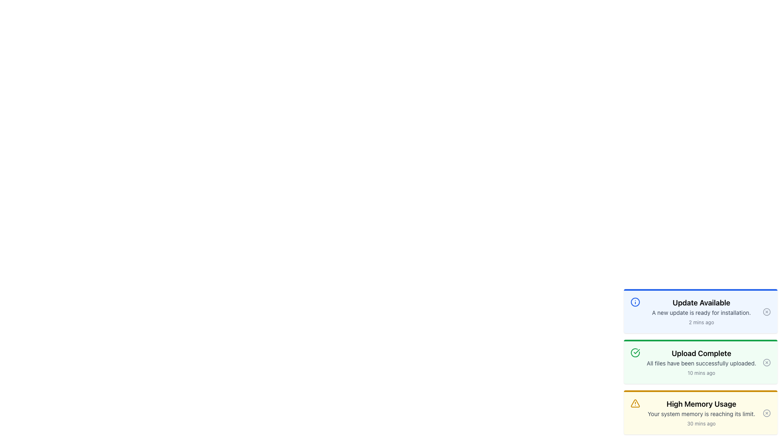 Image resolution: width=784 pixels, height=441 pixels. Describe the element at coordinates (635, 302) in the screenshot. I see `the circular info icon located in the top left corner of the 'Update Available' notification box, which is characterized by a light blue circular outline with a smaller dot inside` at that location.